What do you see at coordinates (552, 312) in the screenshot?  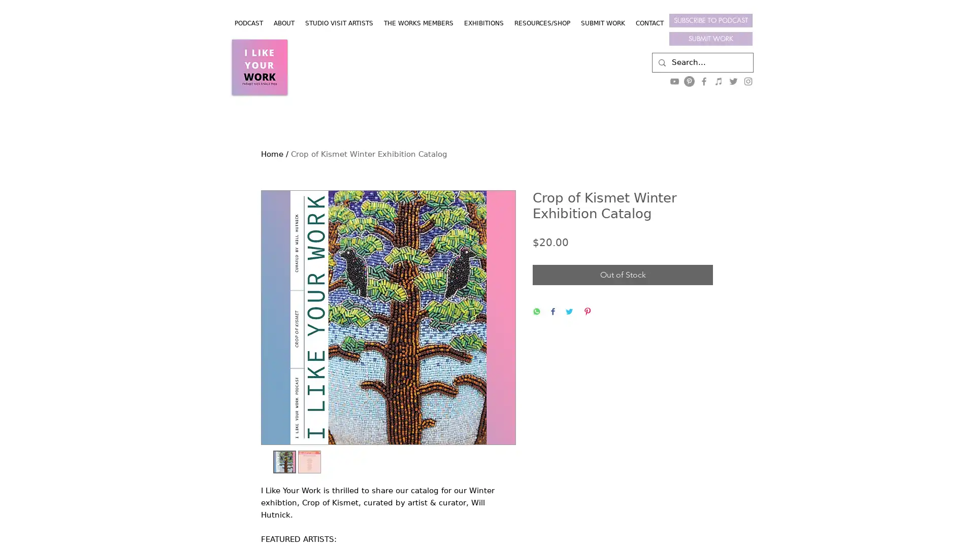 I see `Share on Facebook` at bounding box center [552, 312].